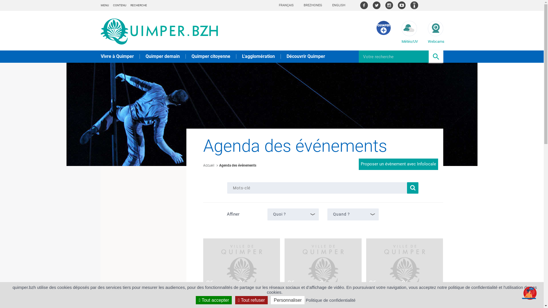 This screenshot has width=548, height=308. What do you see at coordinates (251, 300) in the screenshot?
I see `'Tout refuser'` at bounding box center [251, 300].